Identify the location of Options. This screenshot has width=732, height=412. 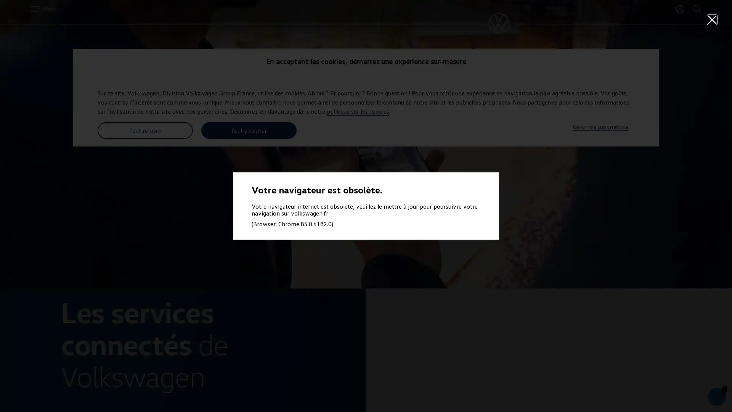
(708, 391).